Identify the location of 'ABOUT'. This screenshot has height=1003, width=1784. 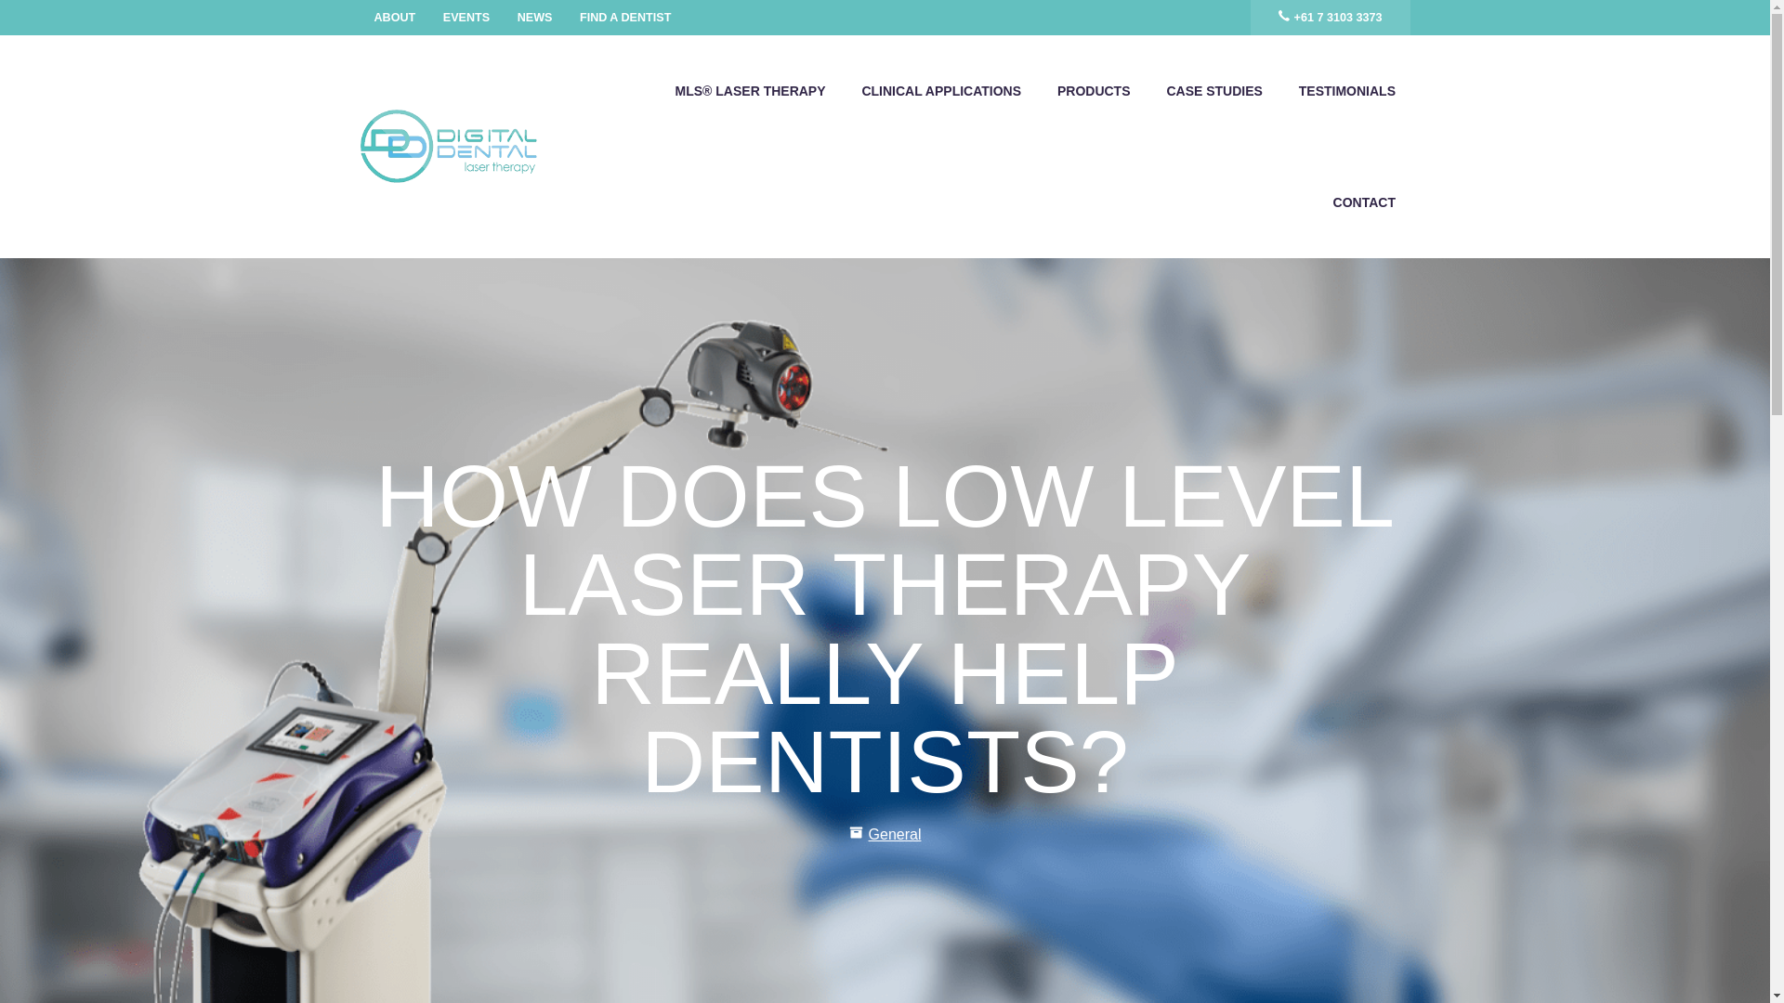
(394, 18).